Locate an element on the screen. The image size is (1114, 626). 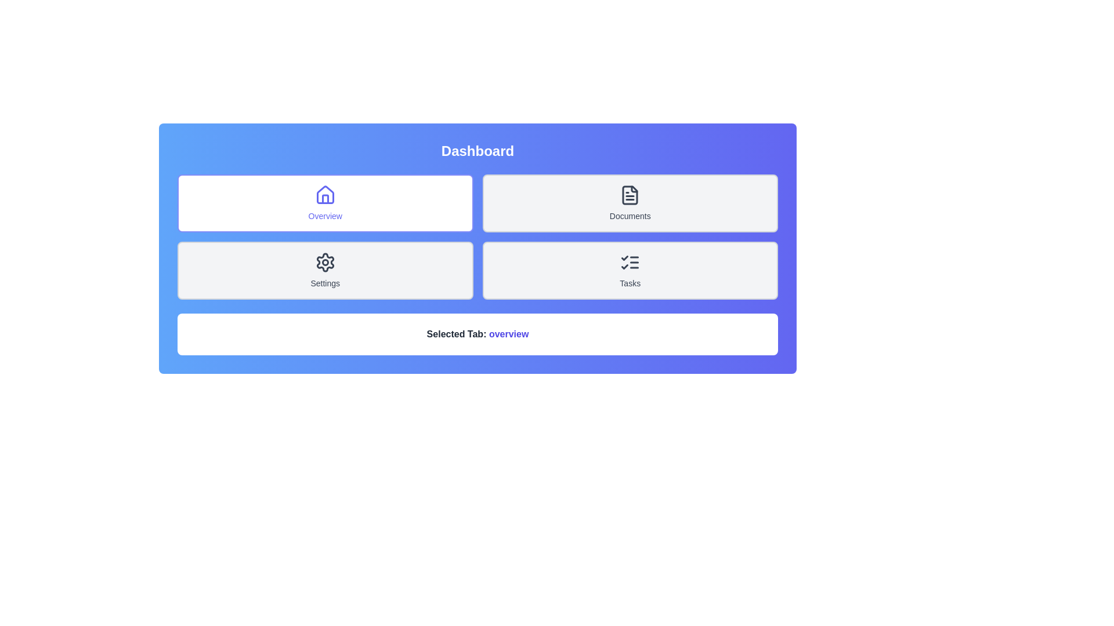
the 'Overview' button, which is a rectangular button with a white background, indigo text and border, and an icon of a house above the label, located in the top-left section of a grid layout is located at coordinates (325, 203).